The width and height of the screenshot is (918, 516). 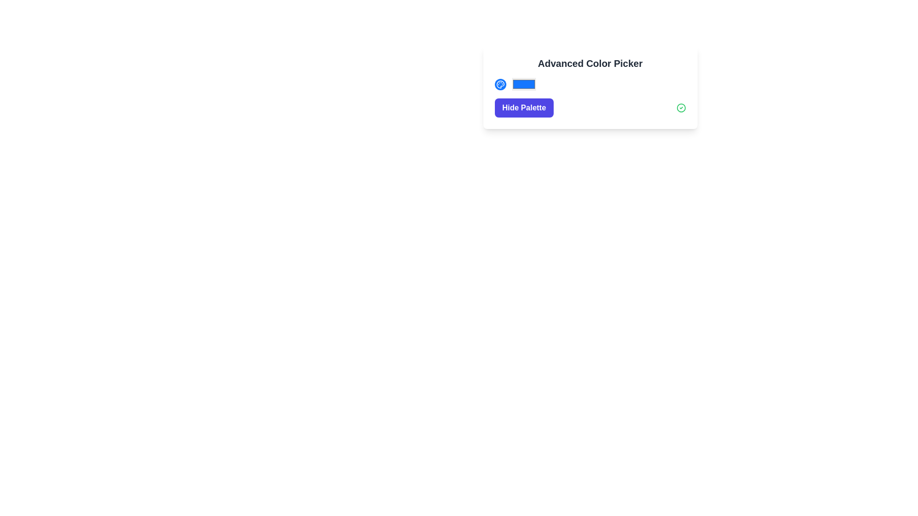 I want to click on the leftmost button that opens a color picker dialog, located at the top-left side of the grouping, adjacent to the color picker input field displaying a blue color preview, so click(x=500, y=84).